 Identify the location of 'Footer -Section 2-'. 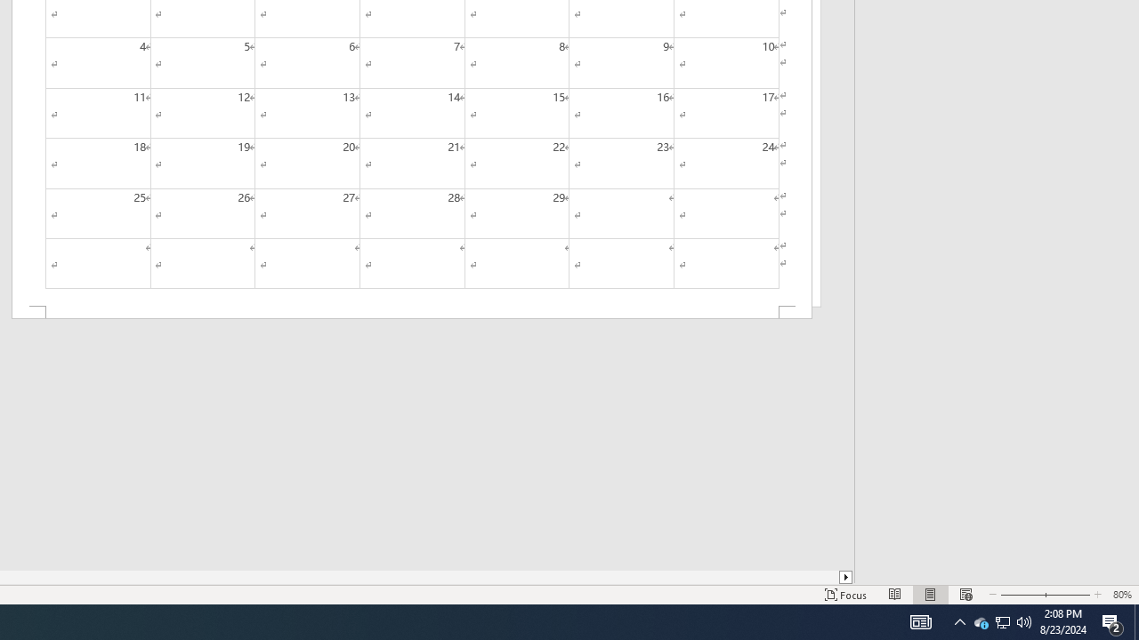
(410, 311).